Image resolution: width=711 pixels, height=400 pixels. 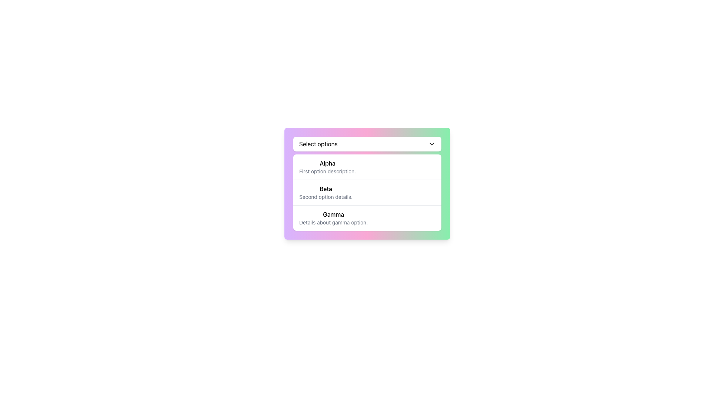 I want to click on to select the second entry in the dropdown list, which is labeled 'Beta' and has a lighter description 'Second option details.', so click(x=326, y=192).